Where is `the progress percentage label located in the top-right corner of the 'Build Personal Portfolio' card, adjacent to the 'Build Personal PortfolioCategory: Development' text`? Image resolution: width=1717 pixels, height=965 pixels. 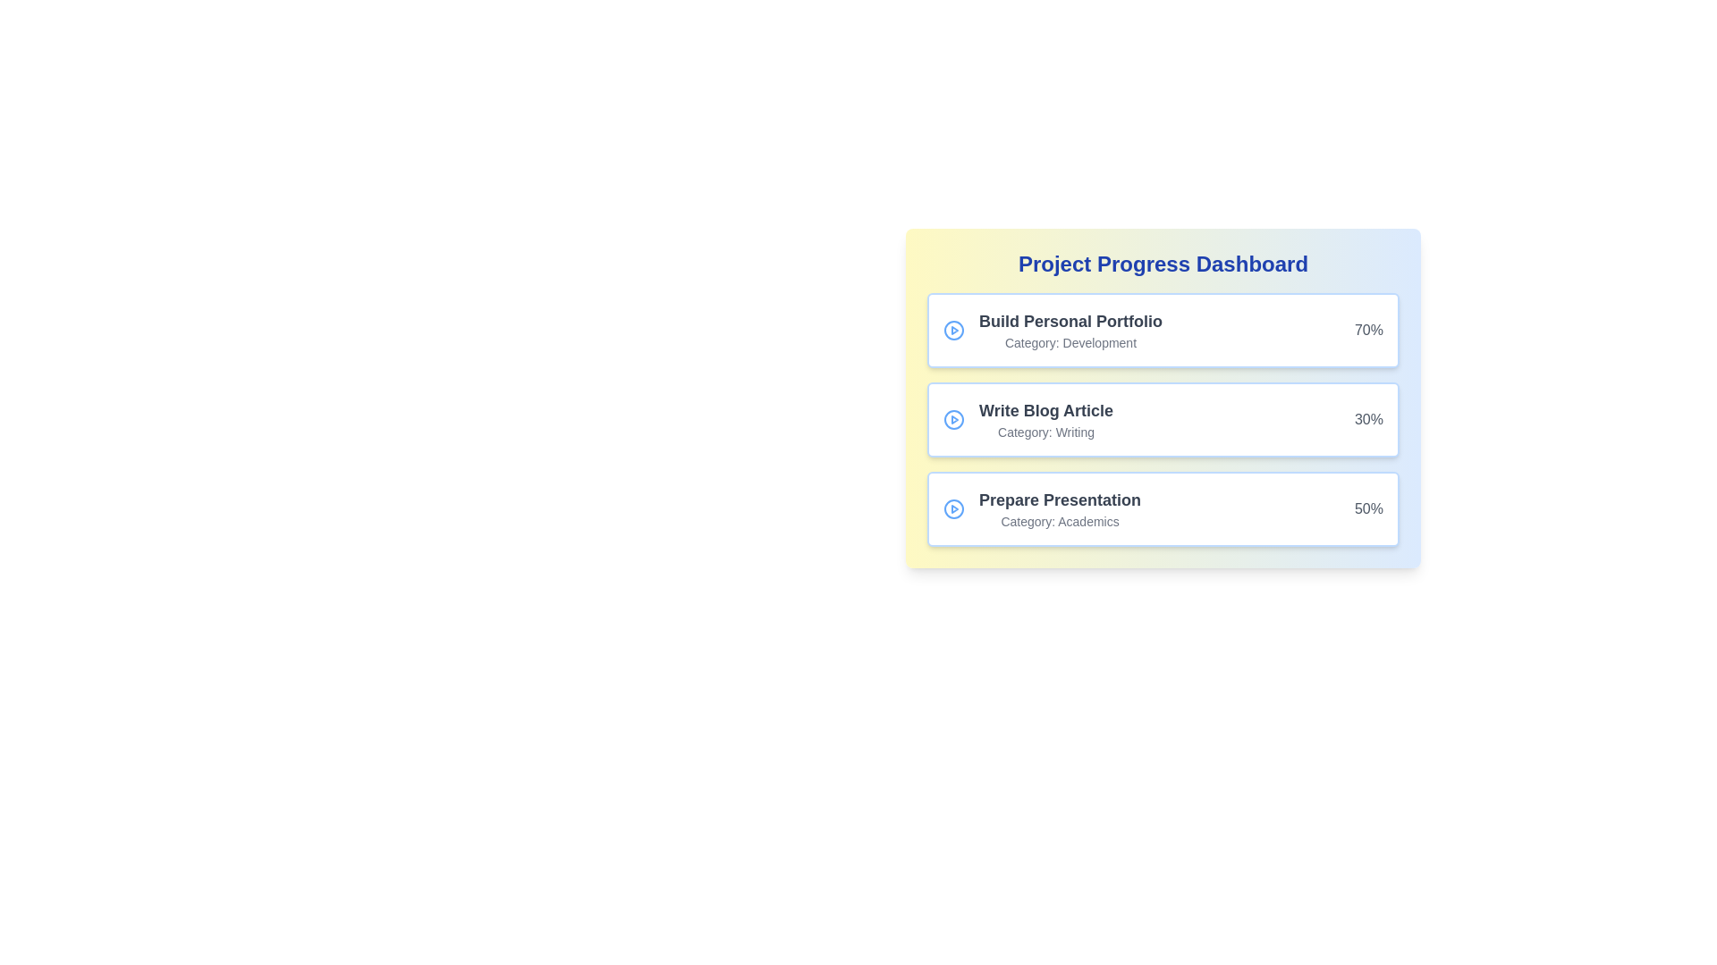 the progress percentage label located in the top-right corner of the 'Build Personal Portfolio' card, adjacent to the 'Build Personal PortfolioCategory: Development' text is located at coordinates (1368, 331).